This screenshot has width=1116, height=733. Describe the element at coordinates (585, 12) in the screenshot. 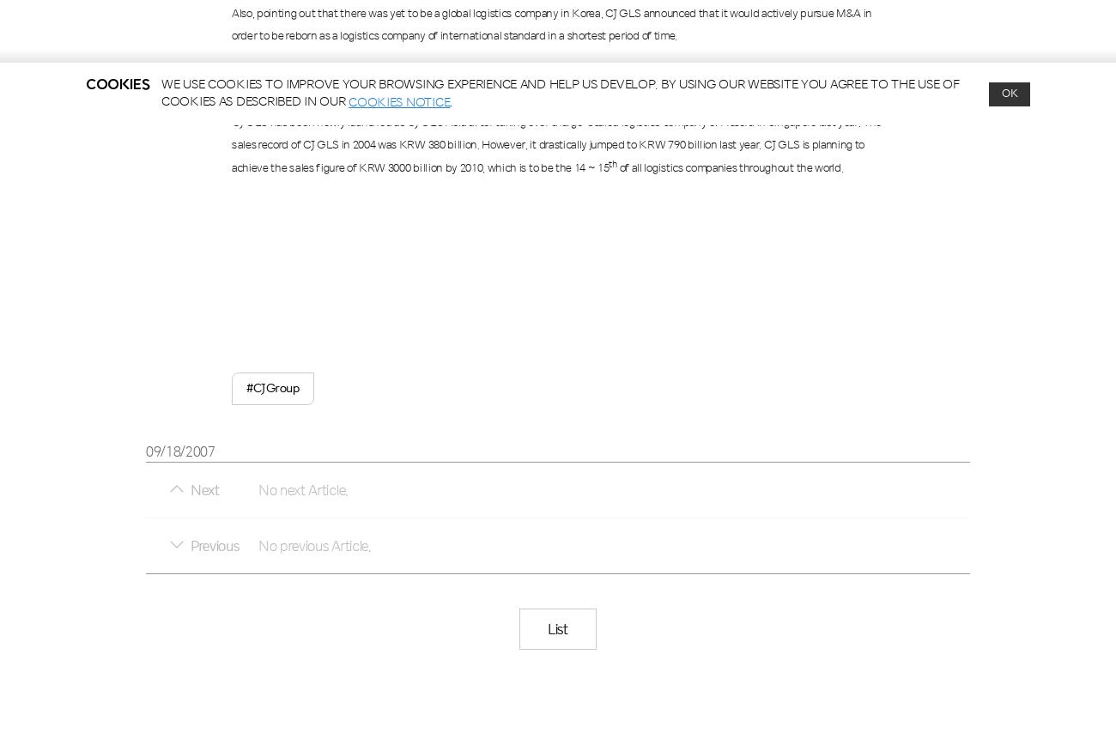

I see `'Korea'` at that location.